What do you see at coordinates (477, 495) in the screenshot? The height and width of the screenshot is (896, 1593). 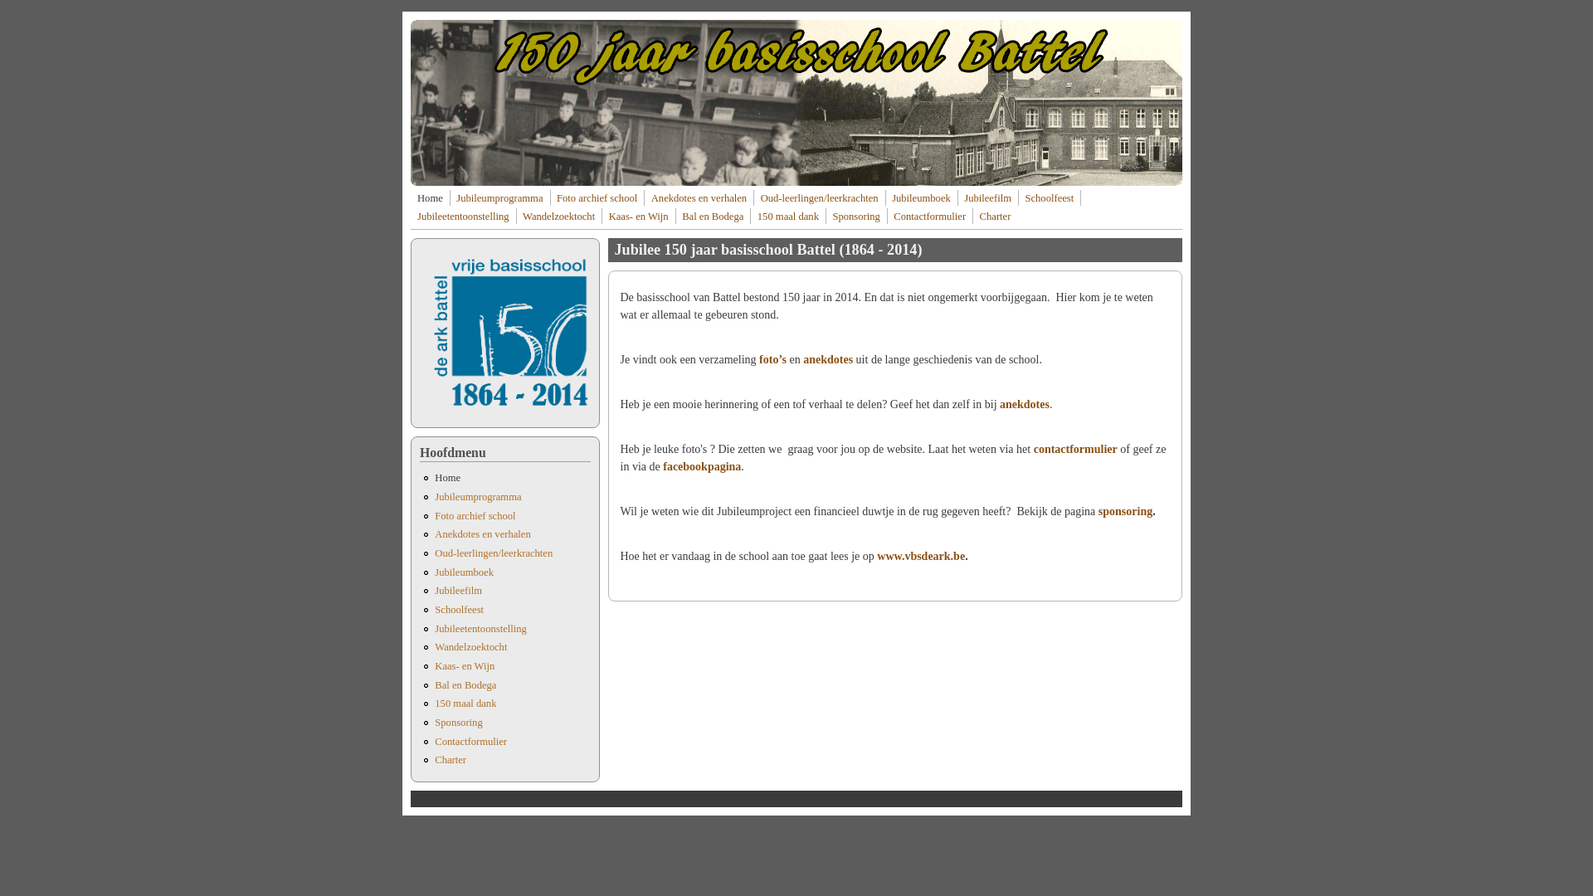 I see `'Jubileumprogramma'` at bounding box center [477, 495].